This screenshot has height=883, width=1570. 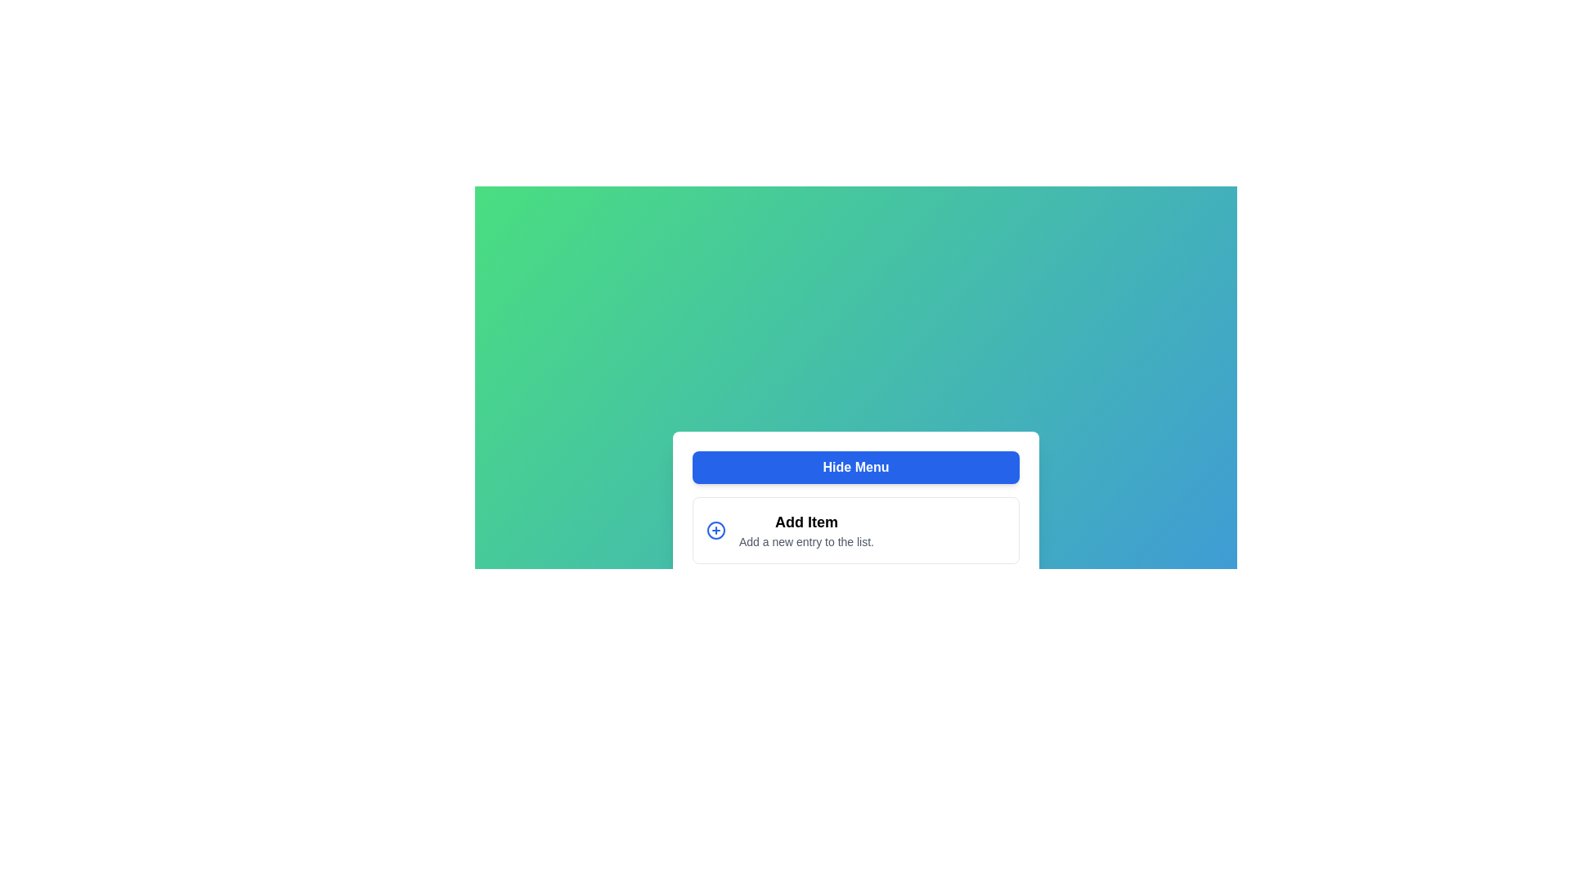 I want to click on the menu item Add Item from the menu, so click(x=855, y=530).